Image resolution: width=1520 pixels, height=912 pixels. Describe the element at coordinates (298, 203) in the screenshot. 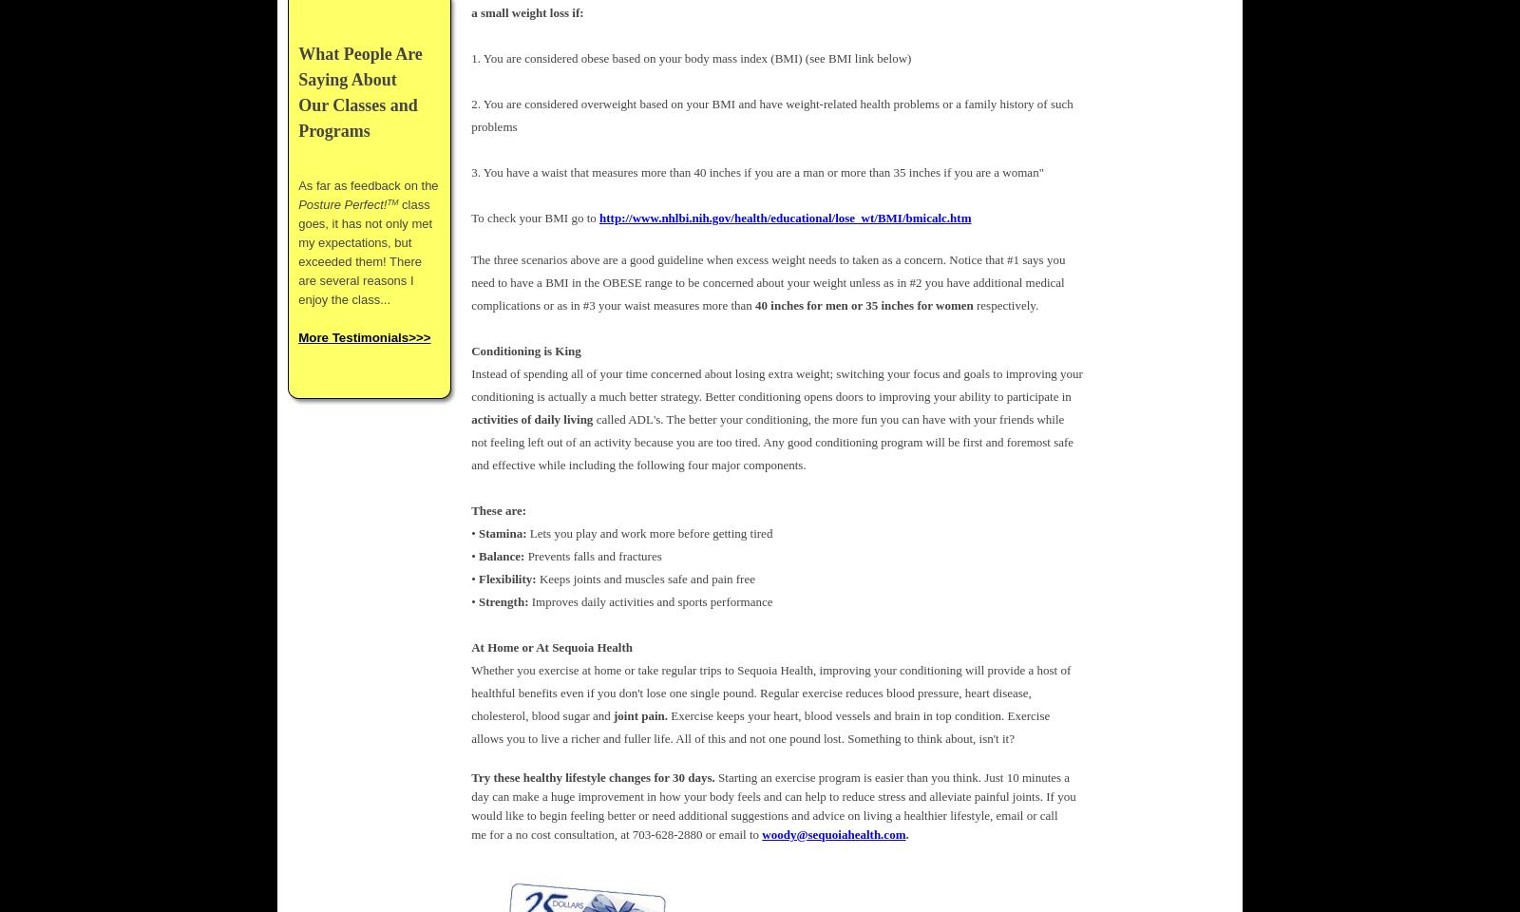

I see `'Posture Perfect!'` at that location.